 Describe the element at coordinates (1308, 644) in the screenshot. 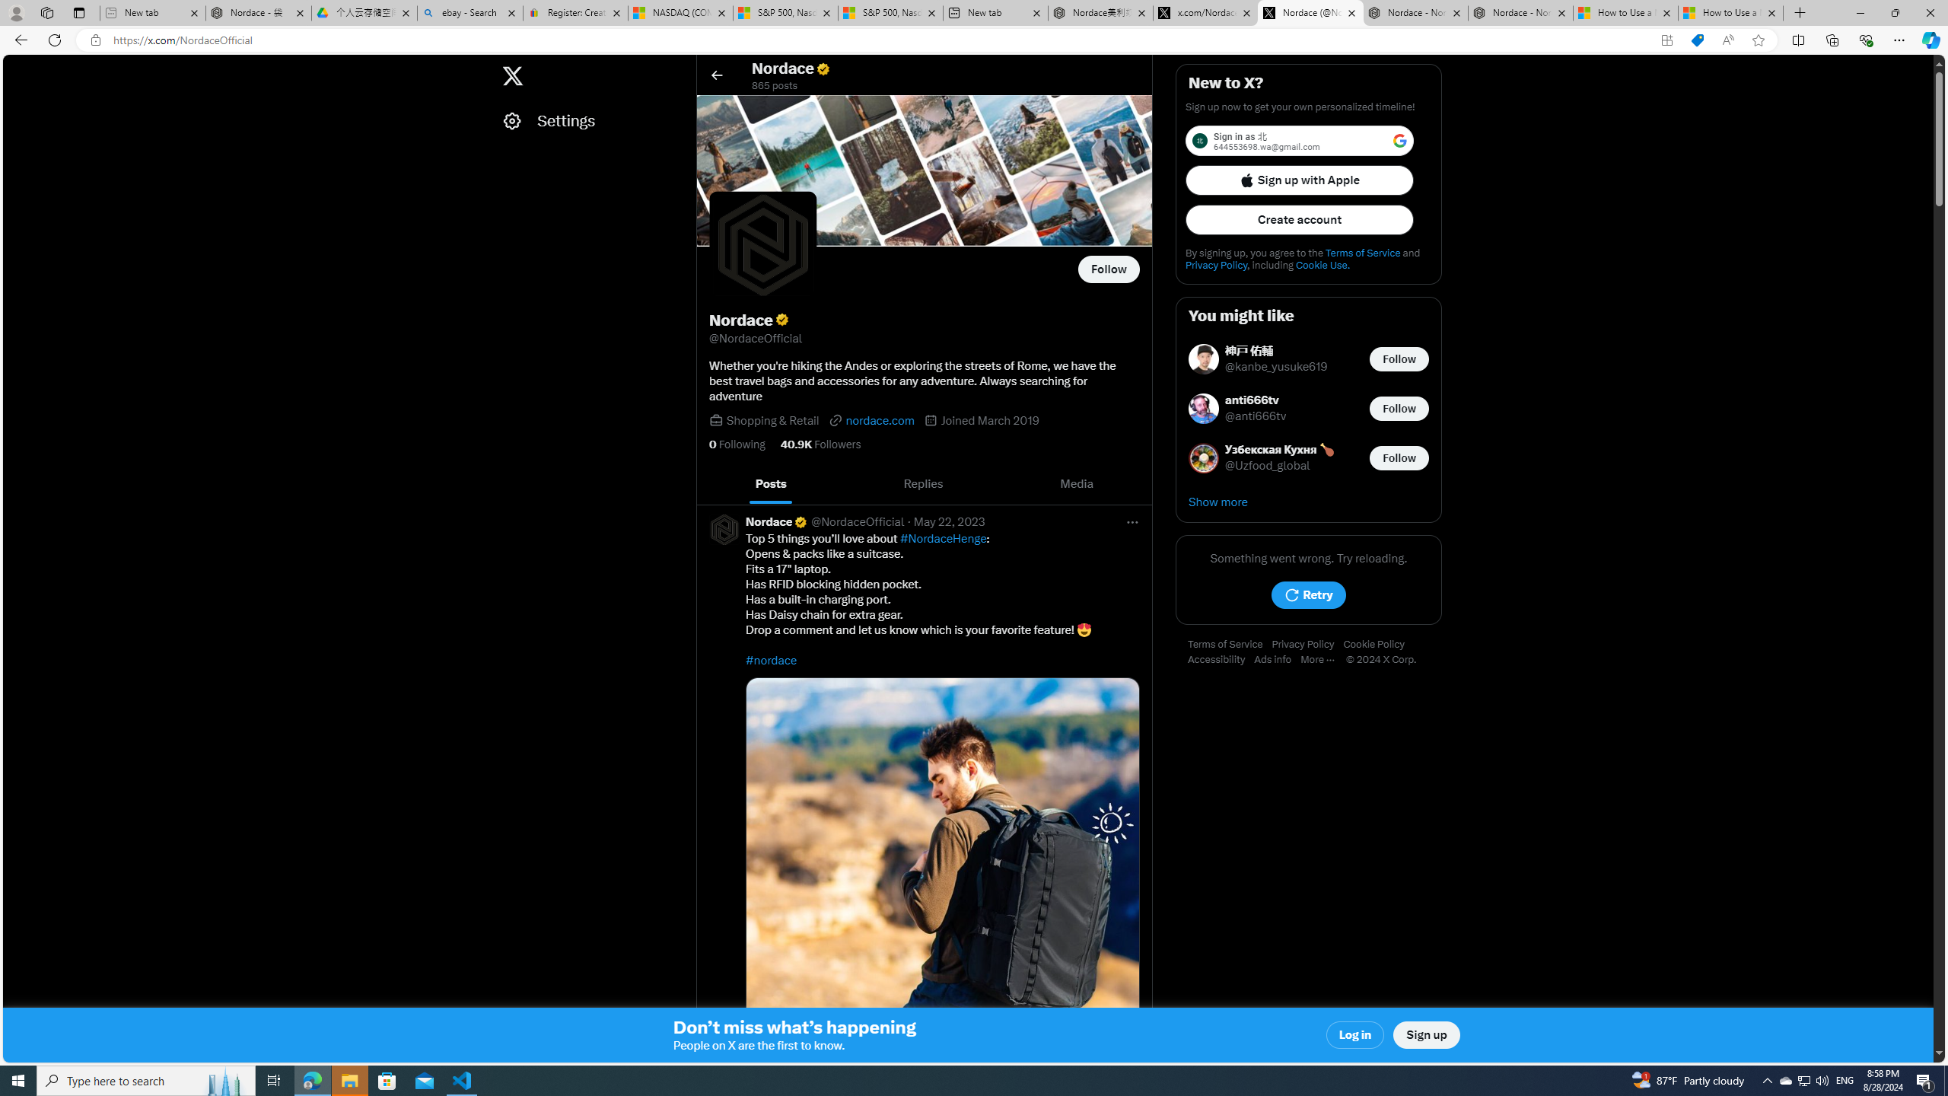

I see `'Privacy Policy'` at that location.